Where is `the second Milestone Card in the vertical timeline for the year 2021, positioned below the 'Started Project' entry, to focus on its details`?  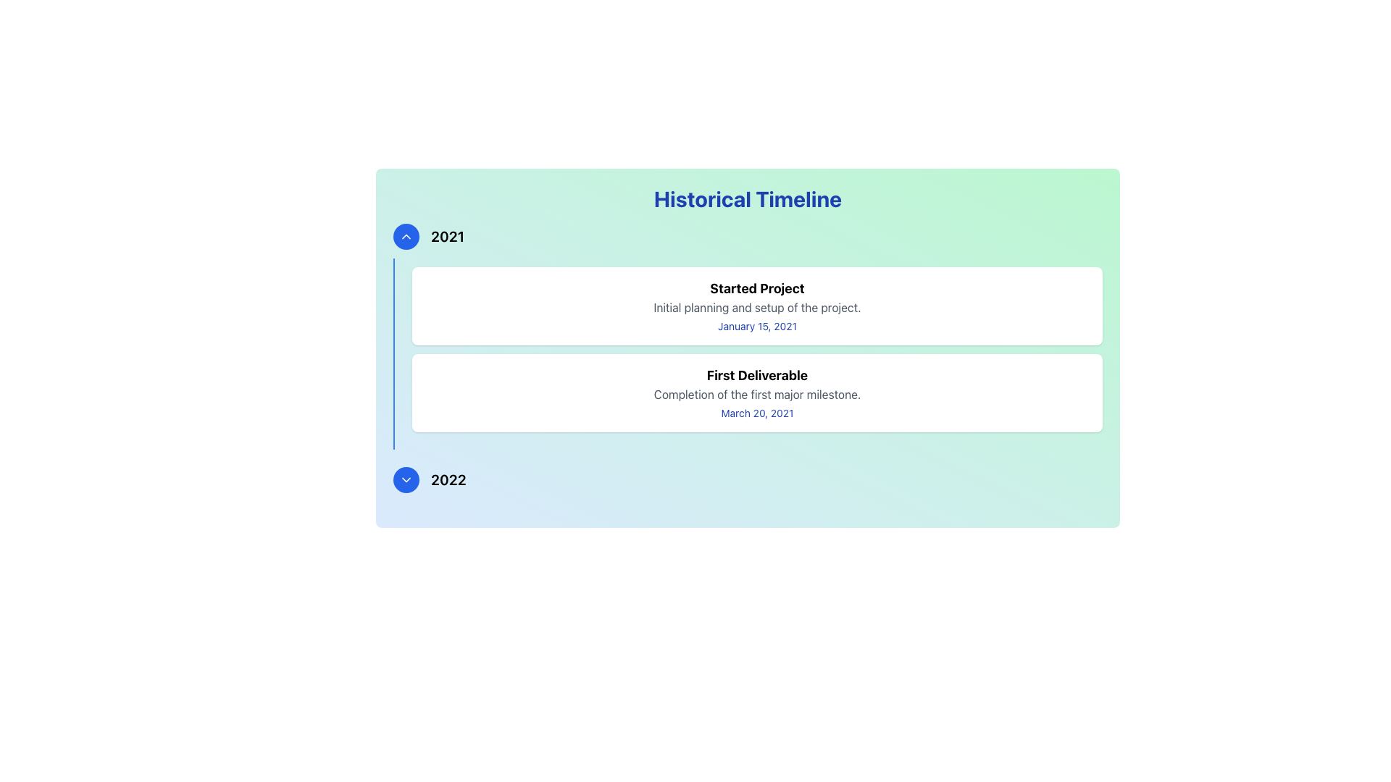 the second Milestone Card in the vertical timeline for the year 2021, positioned below the 'Started Project' entry, to focus on its details is located at coordinates (756, 393).